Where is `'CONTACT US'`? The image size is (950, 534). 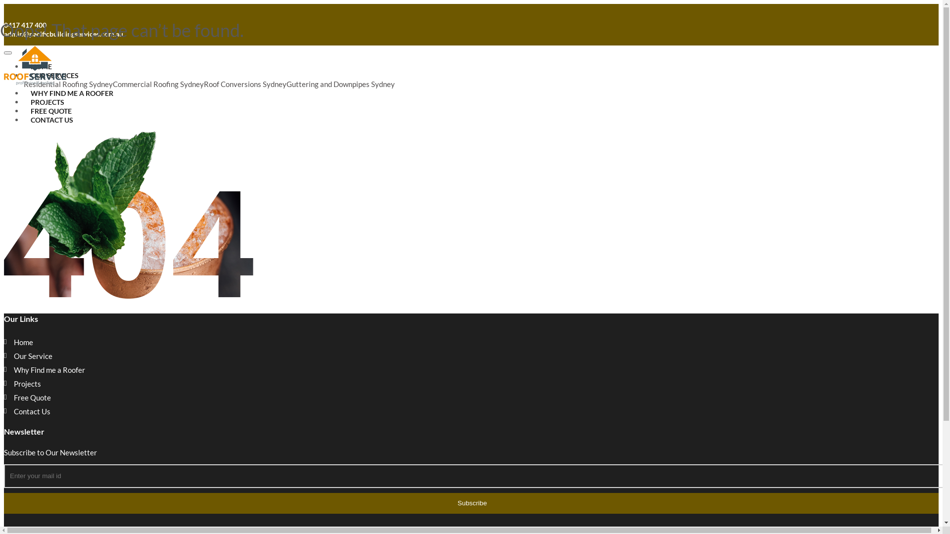
'CONTACT US' is located at coordinates (51, 119).